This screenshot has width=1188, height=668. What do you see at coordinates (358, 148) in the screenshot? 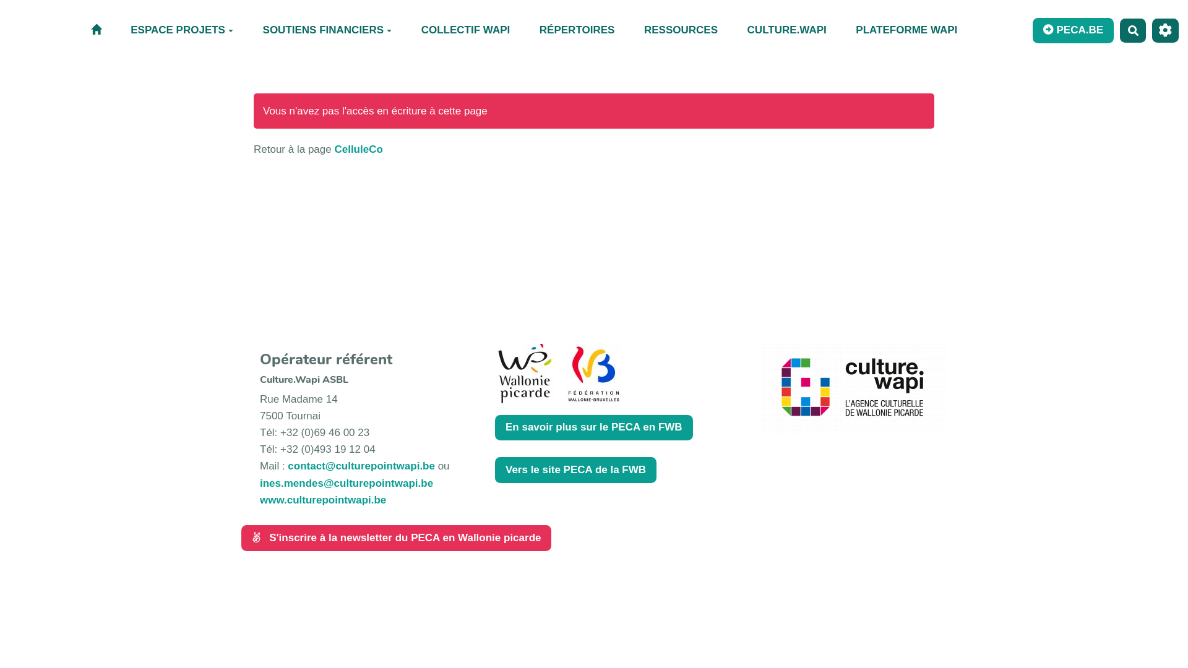
I see `'CelluleCo'` at bounding box center [358, 148].